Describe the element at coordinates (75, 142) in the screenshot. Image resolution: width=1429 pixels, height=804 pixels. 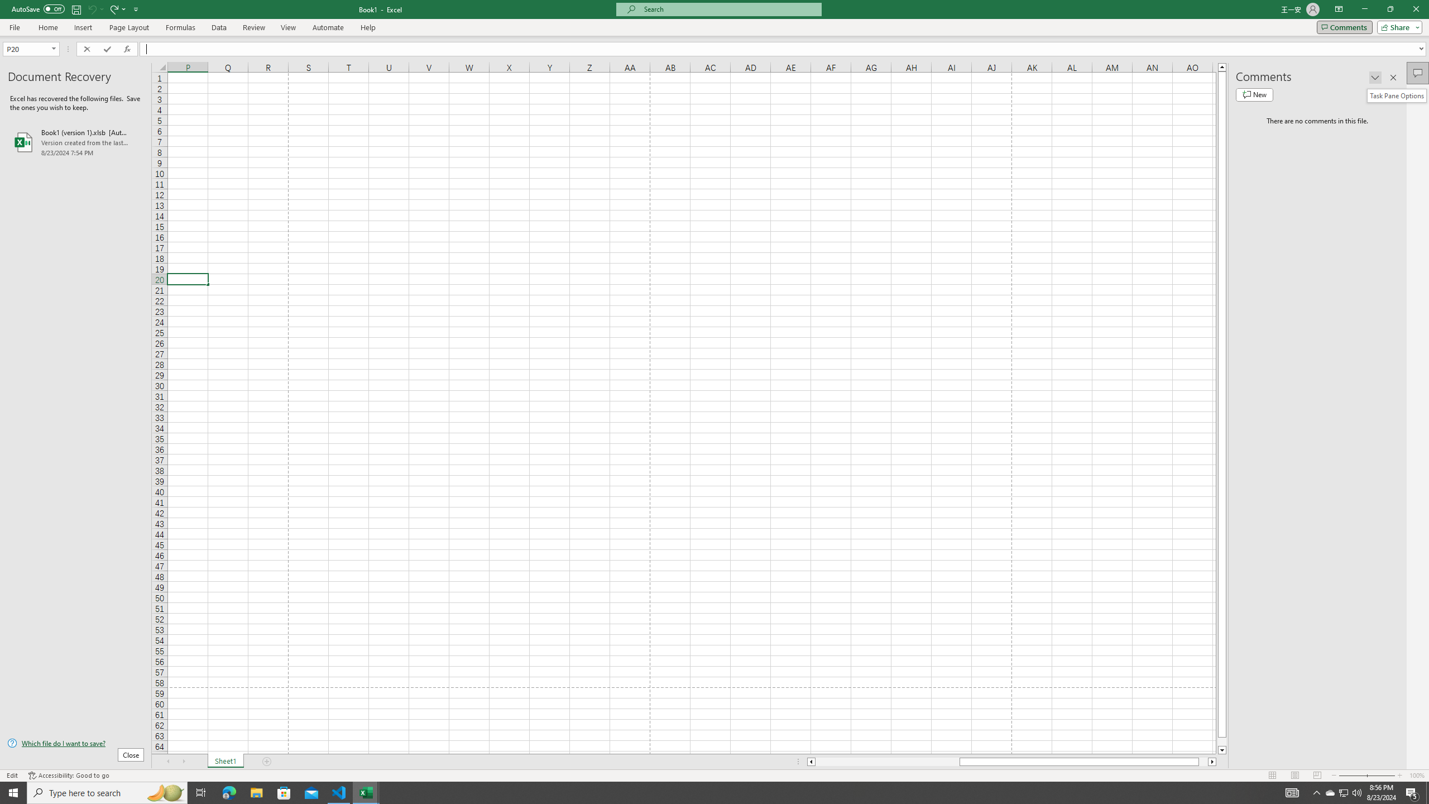
I see `'Book1 (version 1).xlsb  [AutoRecovered]'` at that location.